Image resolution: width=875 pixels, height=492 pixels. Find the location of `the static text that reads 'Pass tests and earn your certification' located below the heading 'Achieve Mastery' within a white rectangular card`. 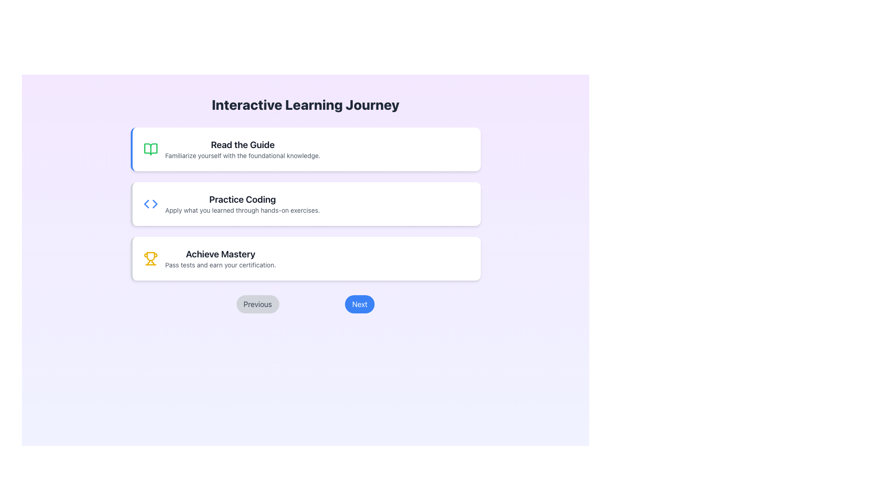

the static text that reads 'Pass tests and earn your certification' located below the heading 'Achieve Mastery' within a white rectangular card is located at coordinates (221, 265).